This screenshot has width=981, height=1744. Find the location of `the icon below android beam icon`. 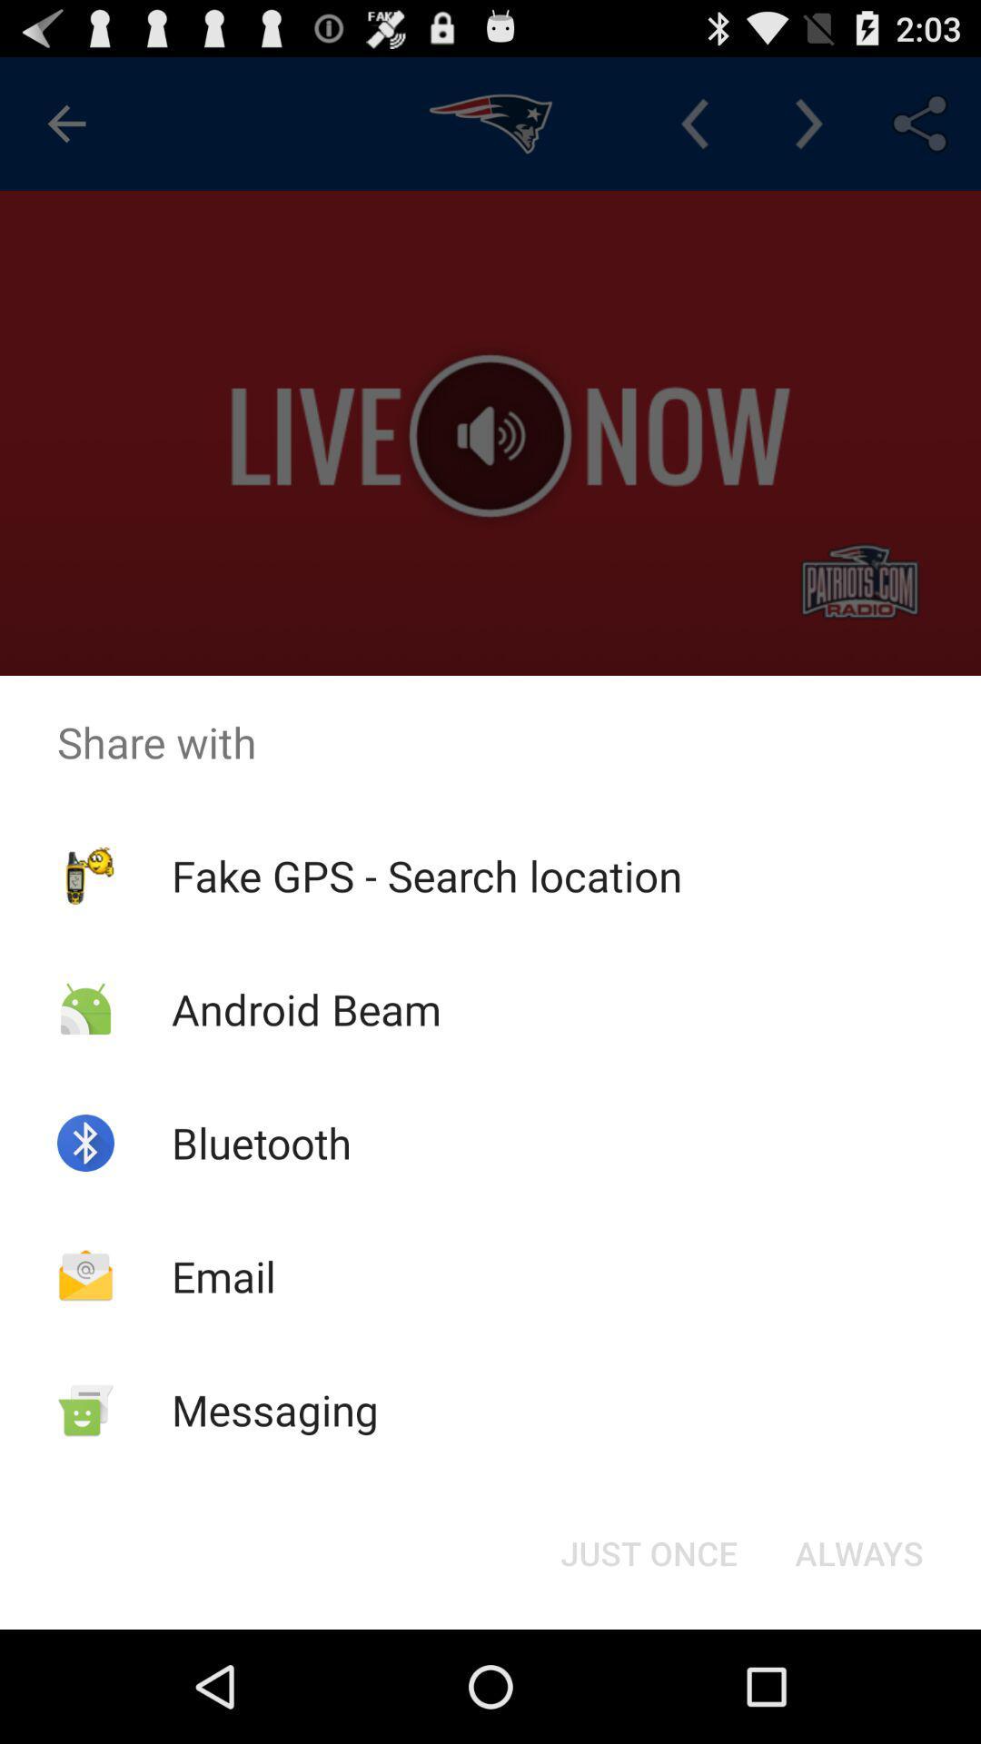

the icon below android beam icon is located at coordinates (262, 1142).